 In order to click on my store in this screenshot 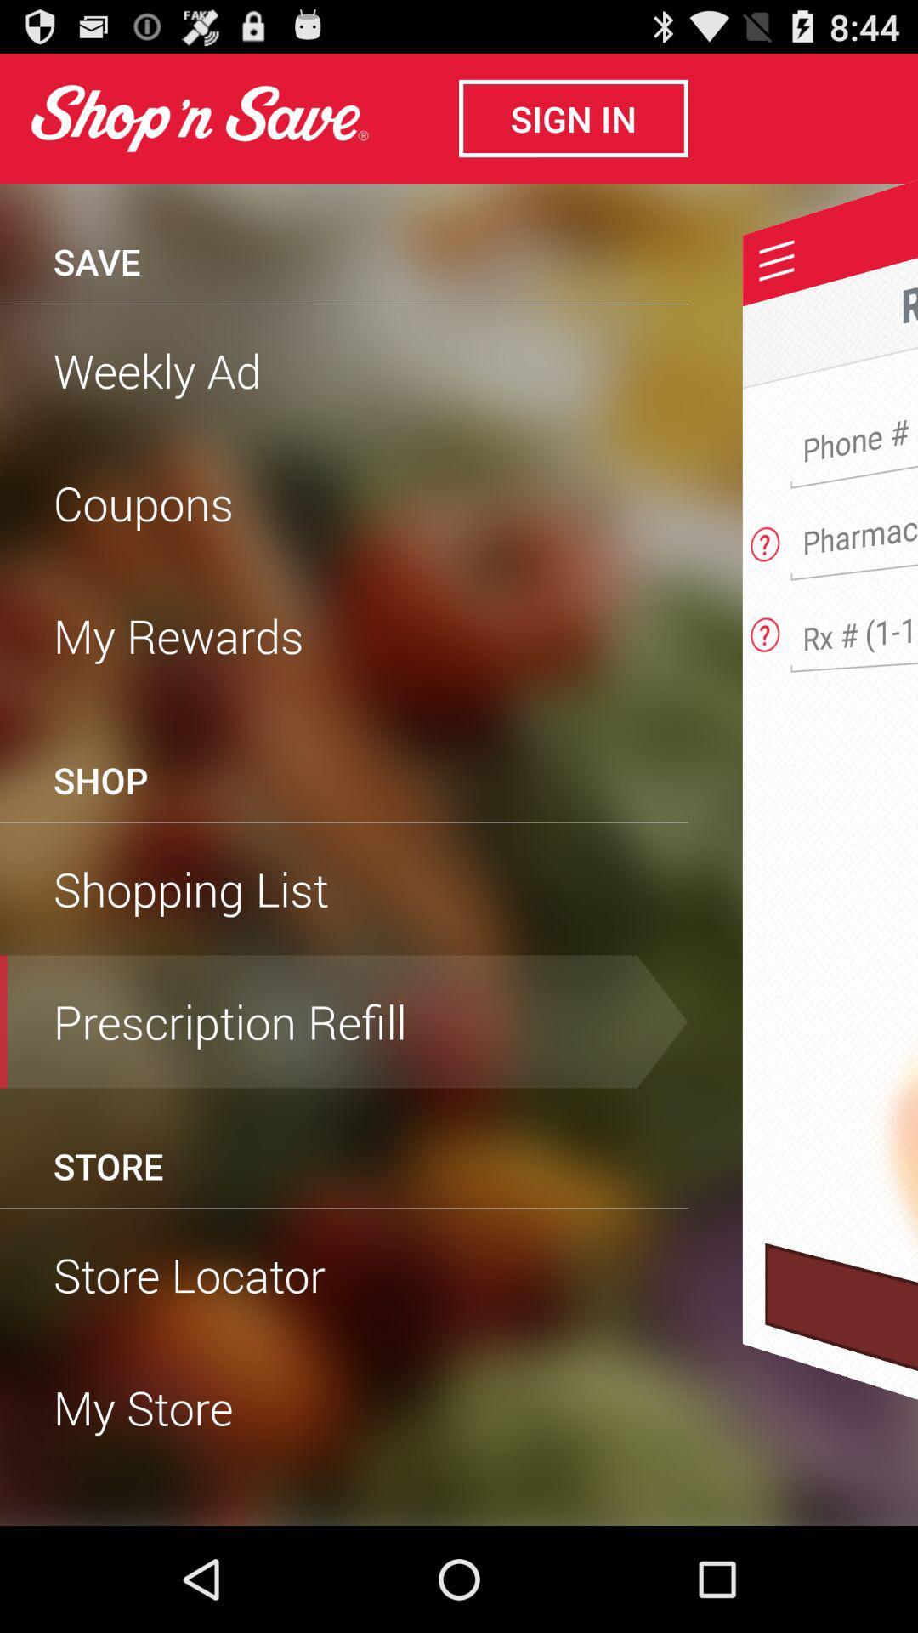, I will do `click(344, 1408)`.